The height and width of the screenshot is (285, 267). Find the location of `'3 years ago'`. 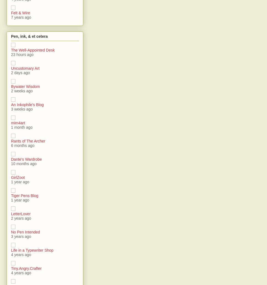

'3 years ago' is located at coordinates (21, 236).